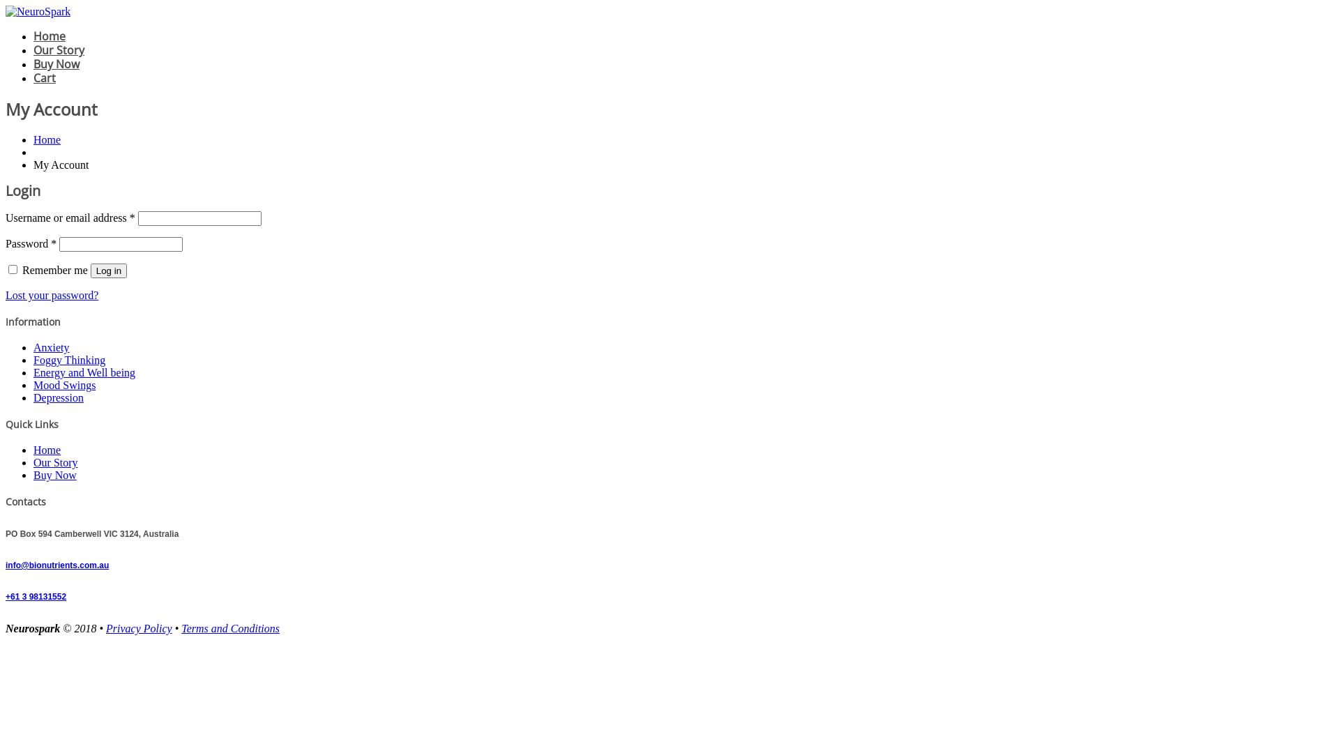 The image size is (1339, 753). I want to click on 'Mood Swings', so click(33, 385).